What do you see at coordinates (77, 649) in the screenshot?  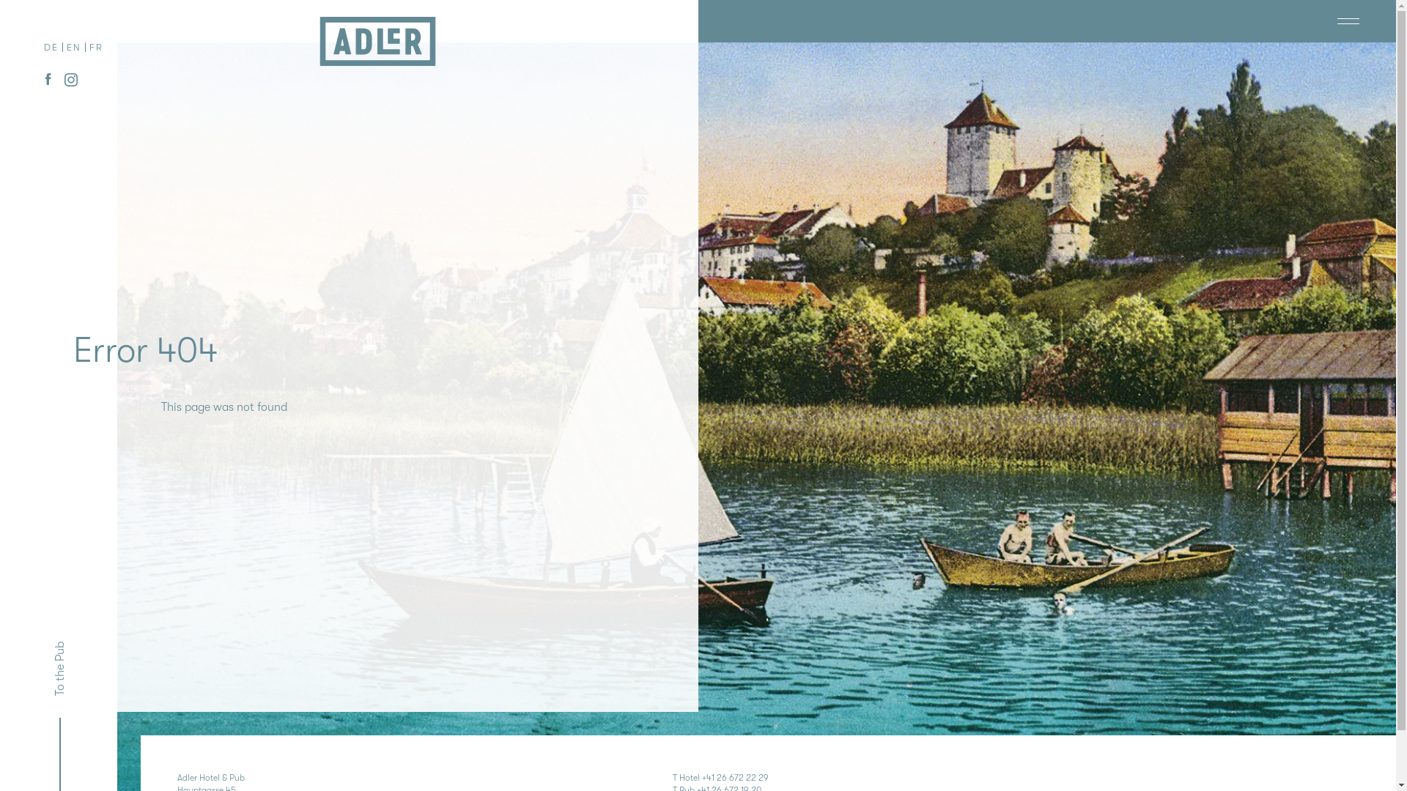 I see `'To the Pub'` at bounding box center [77, 649].